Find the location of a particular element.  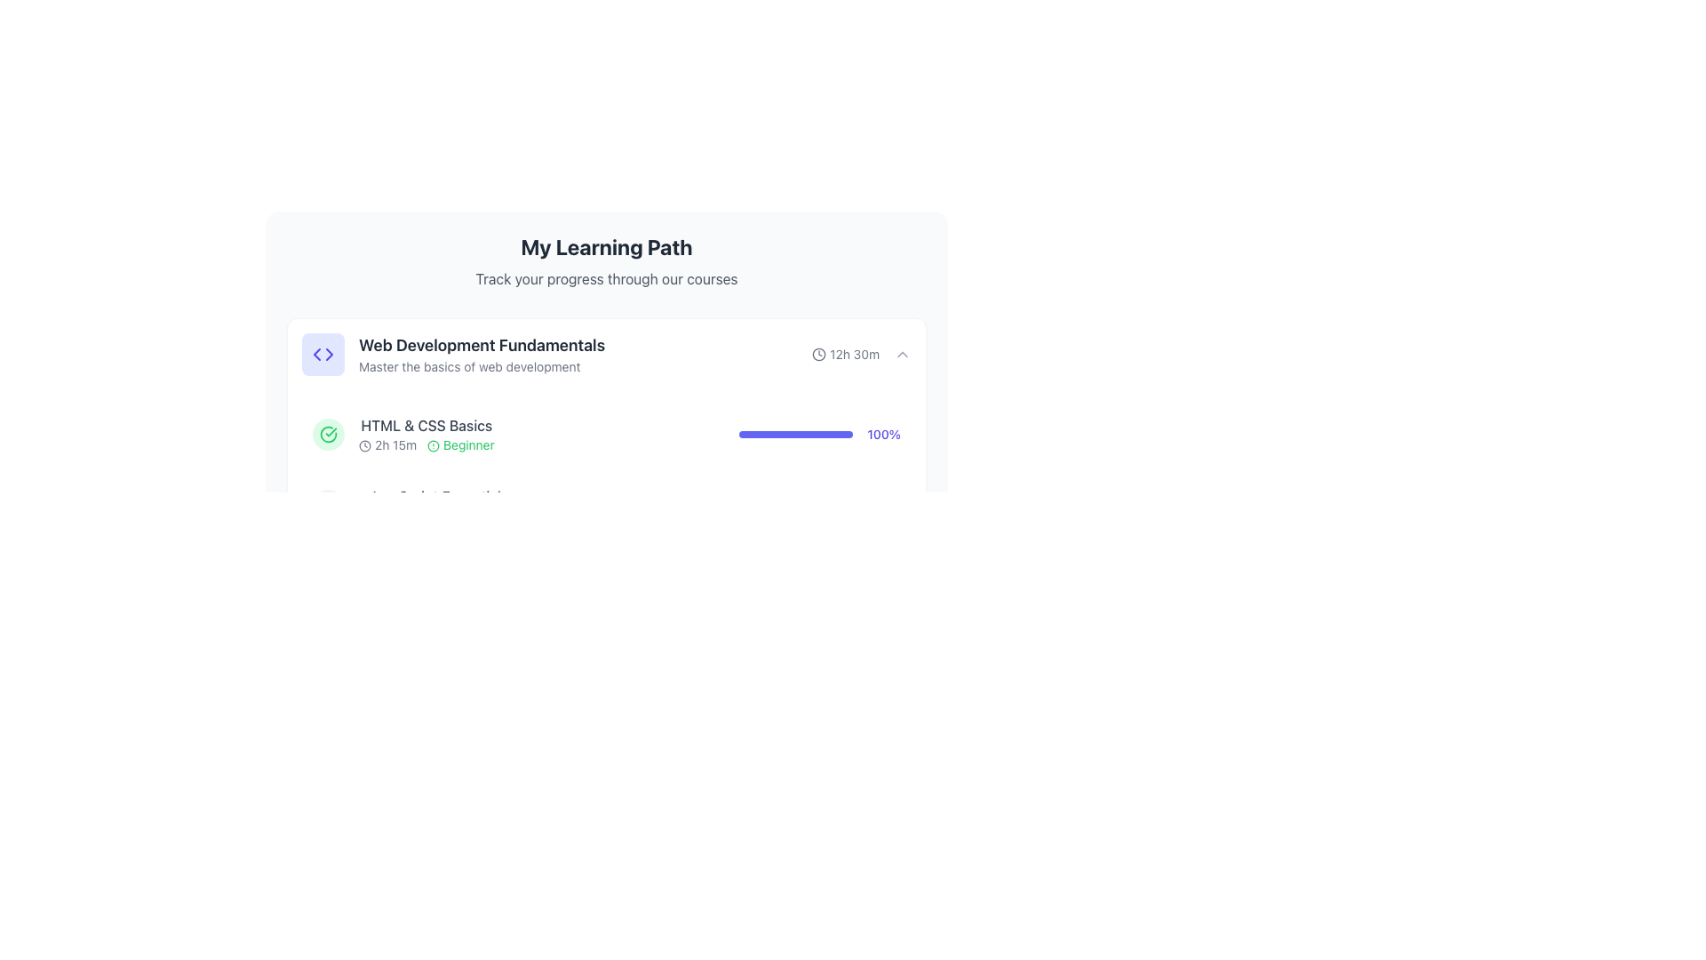

the text label that serves as a descriptive subtitle below the 'Web Development Fundamentals' heading is located at coordinates (482, 365).